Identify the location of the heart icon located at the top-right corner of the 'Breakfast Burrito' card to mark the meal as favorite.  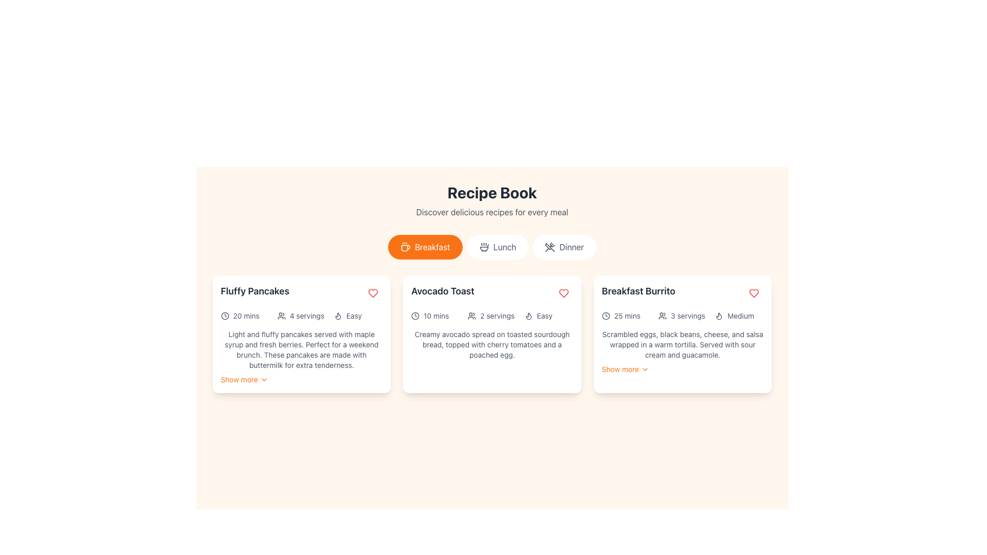
(754, 293).